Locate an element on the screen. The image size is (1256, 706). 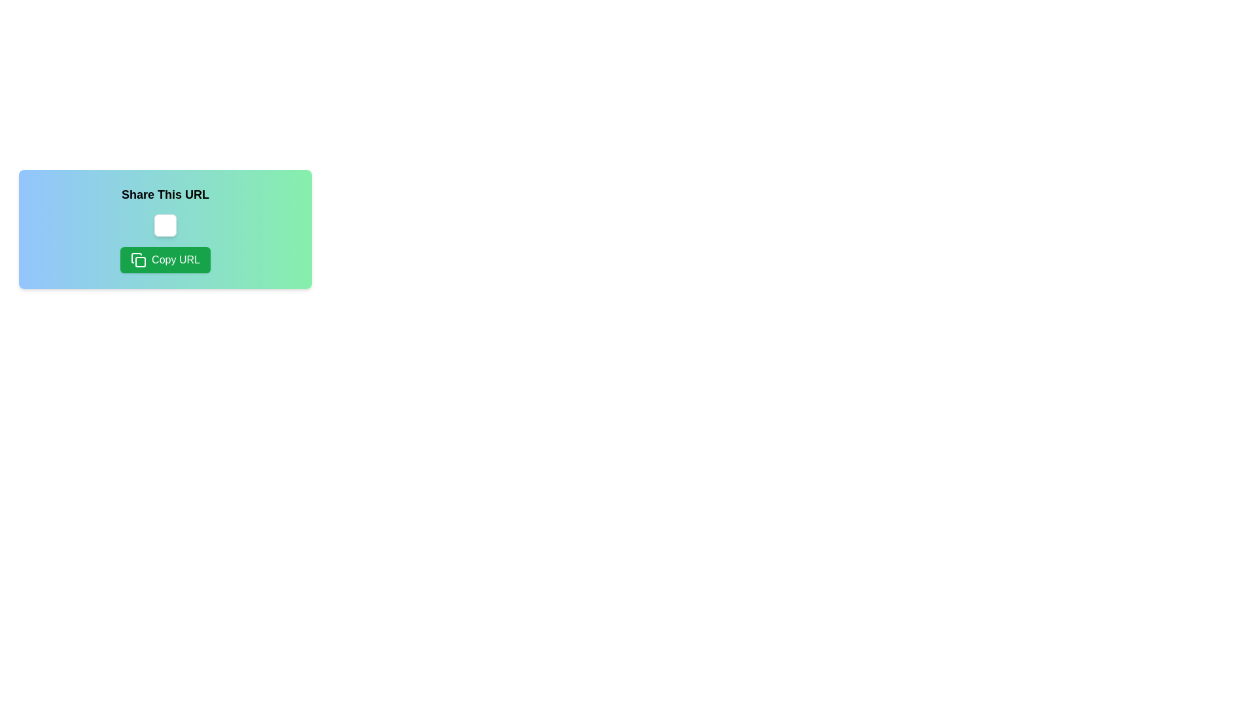
the small green square icon with rounded corners, which is part of the 'Copy URL' button is located at coordinates (141, 262).